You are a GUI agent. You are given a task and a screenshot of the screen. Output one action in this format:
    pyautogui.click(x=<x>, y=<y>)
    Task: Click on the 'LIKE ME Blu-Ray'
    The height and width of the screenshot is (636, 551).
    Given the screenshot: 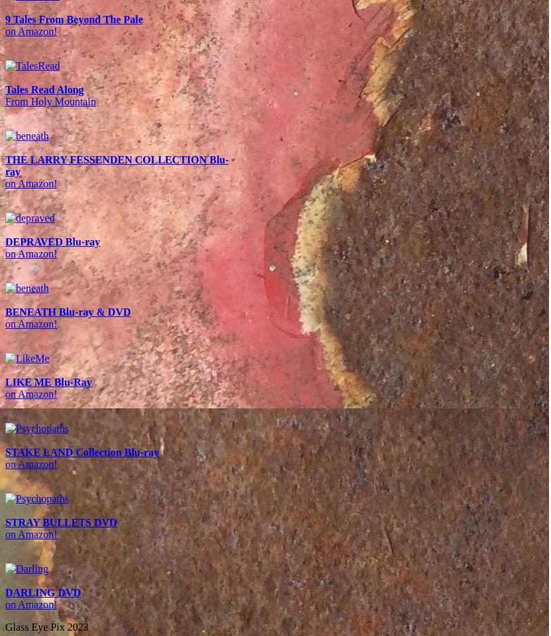 What is the action you would take?
    pyautogui.click(x=47, y=381)
    